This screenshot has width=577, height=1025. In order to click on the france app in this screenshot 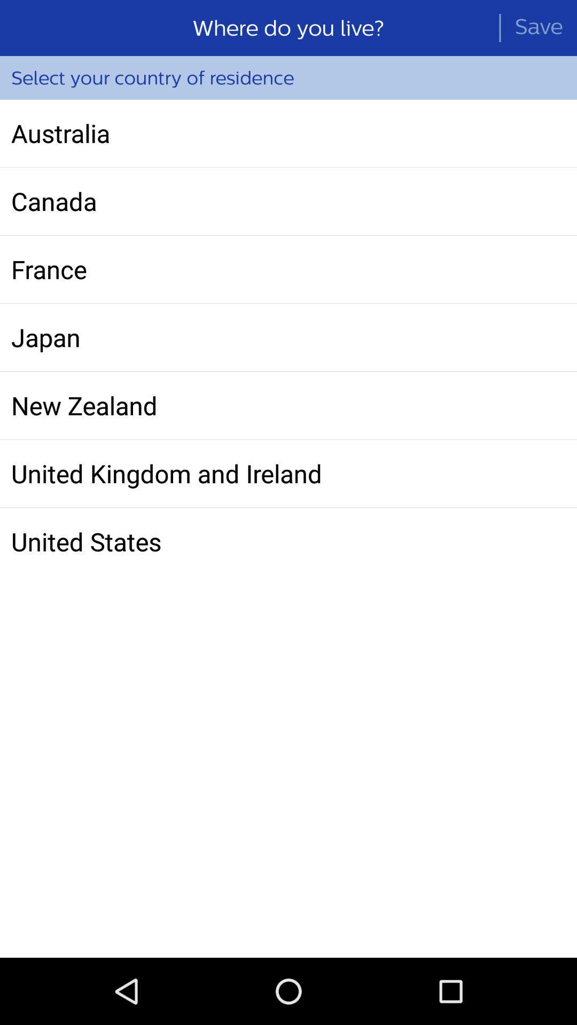, I will do `click(288, 269)`.